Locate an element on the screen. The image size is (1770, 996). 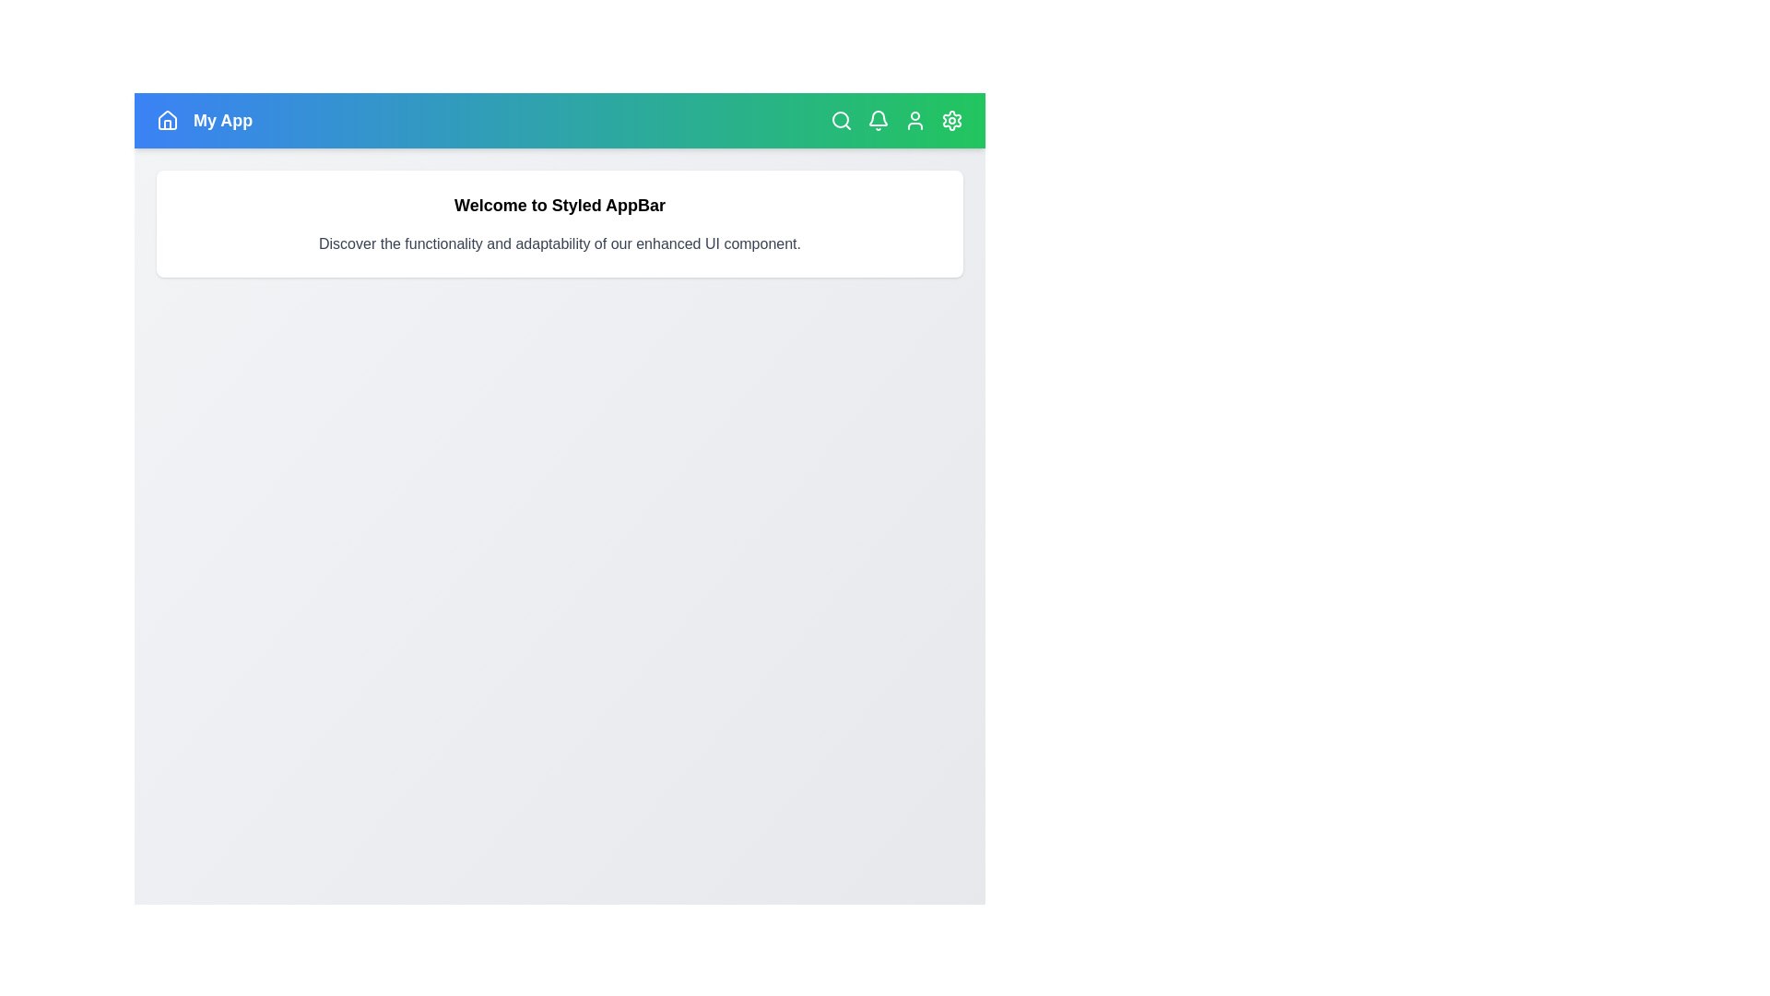
the navigation icon corresponding to Home is located at coordinates (168, 121).